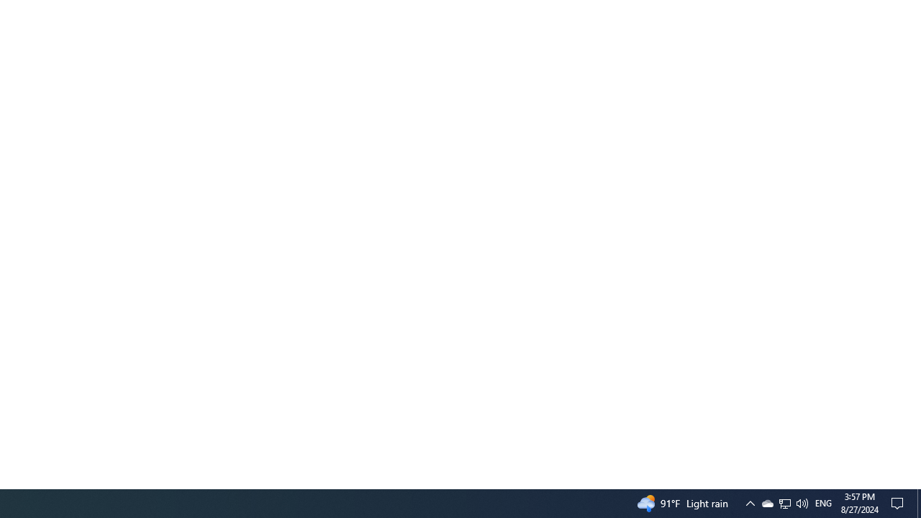 Image resolution: width=921 pixels, height=518 pixels. What do you see at coordinates (784, 502) in the screenshot?
I see `'User Promoted Notification Area'` at bounding box center [784, 502].